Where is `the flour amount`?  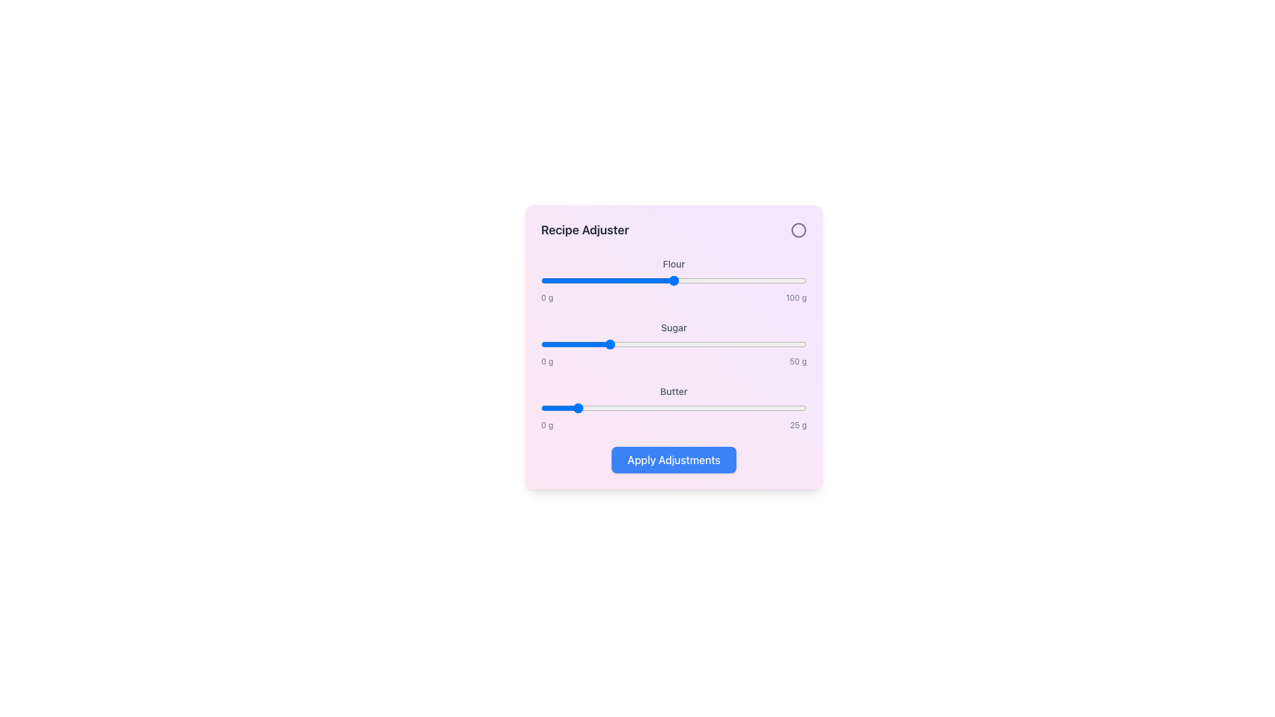 the flour amount is located at coordinates (571, 280).